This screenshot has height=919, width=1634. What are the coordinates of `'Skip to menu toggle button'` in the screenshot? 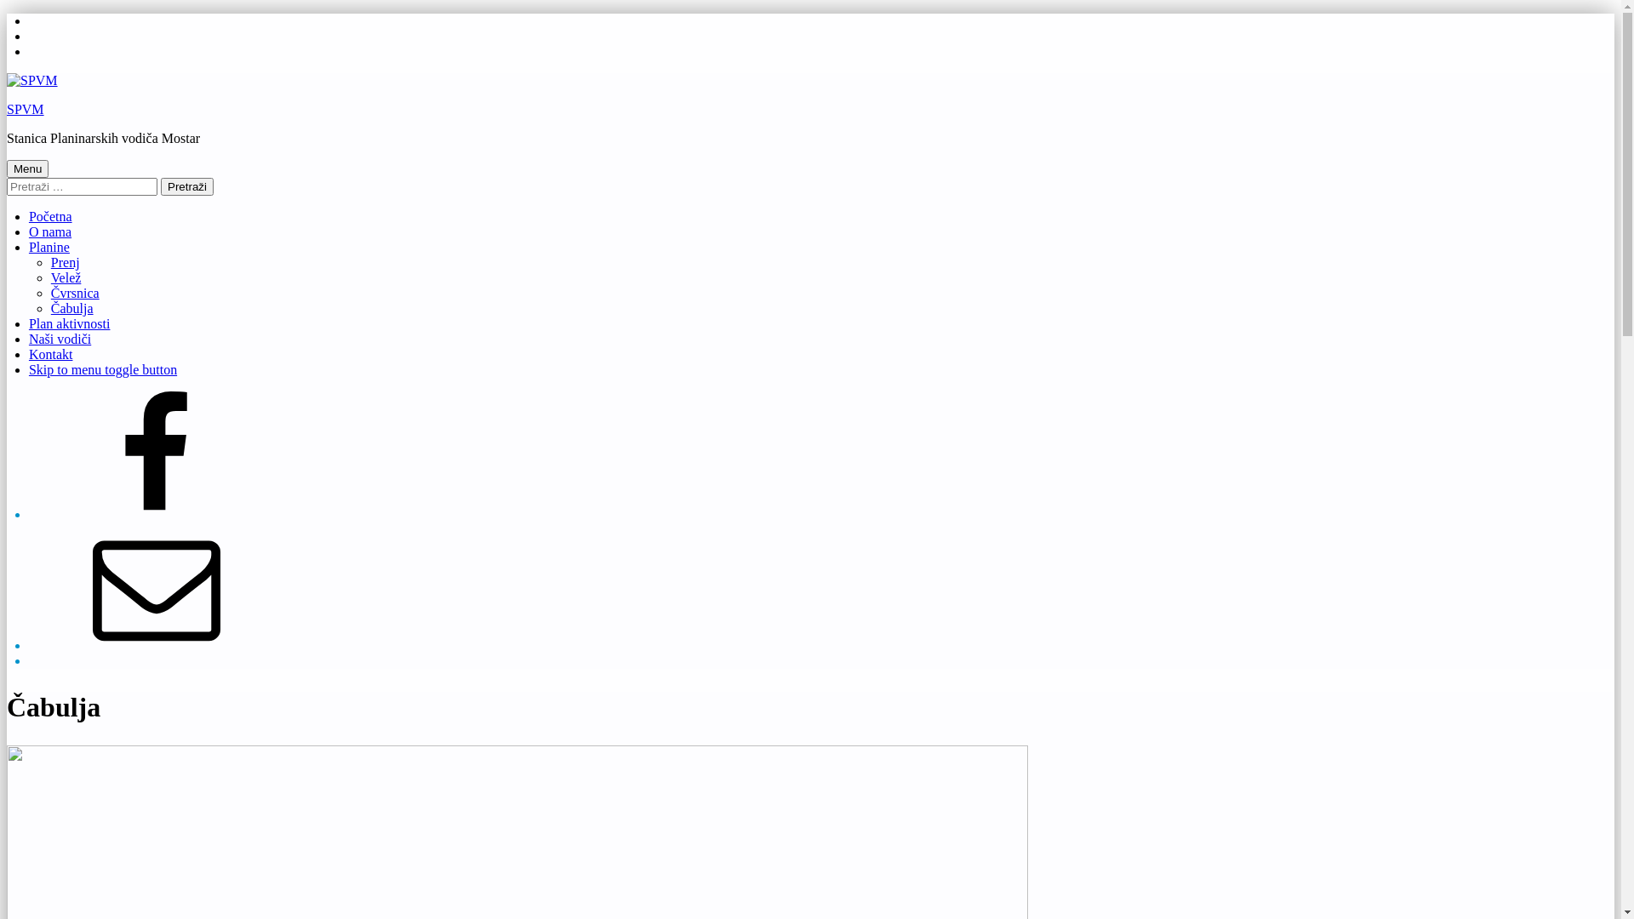 It's located at (101, 368).